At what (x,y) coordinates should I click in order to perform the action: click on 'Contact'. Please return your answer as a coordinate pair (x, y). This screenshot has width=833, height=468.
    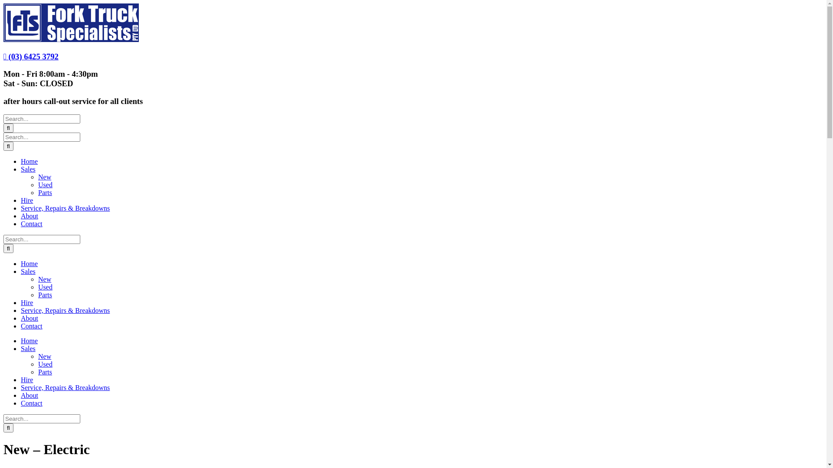
    Looking at the image, I should click on (21, 223).